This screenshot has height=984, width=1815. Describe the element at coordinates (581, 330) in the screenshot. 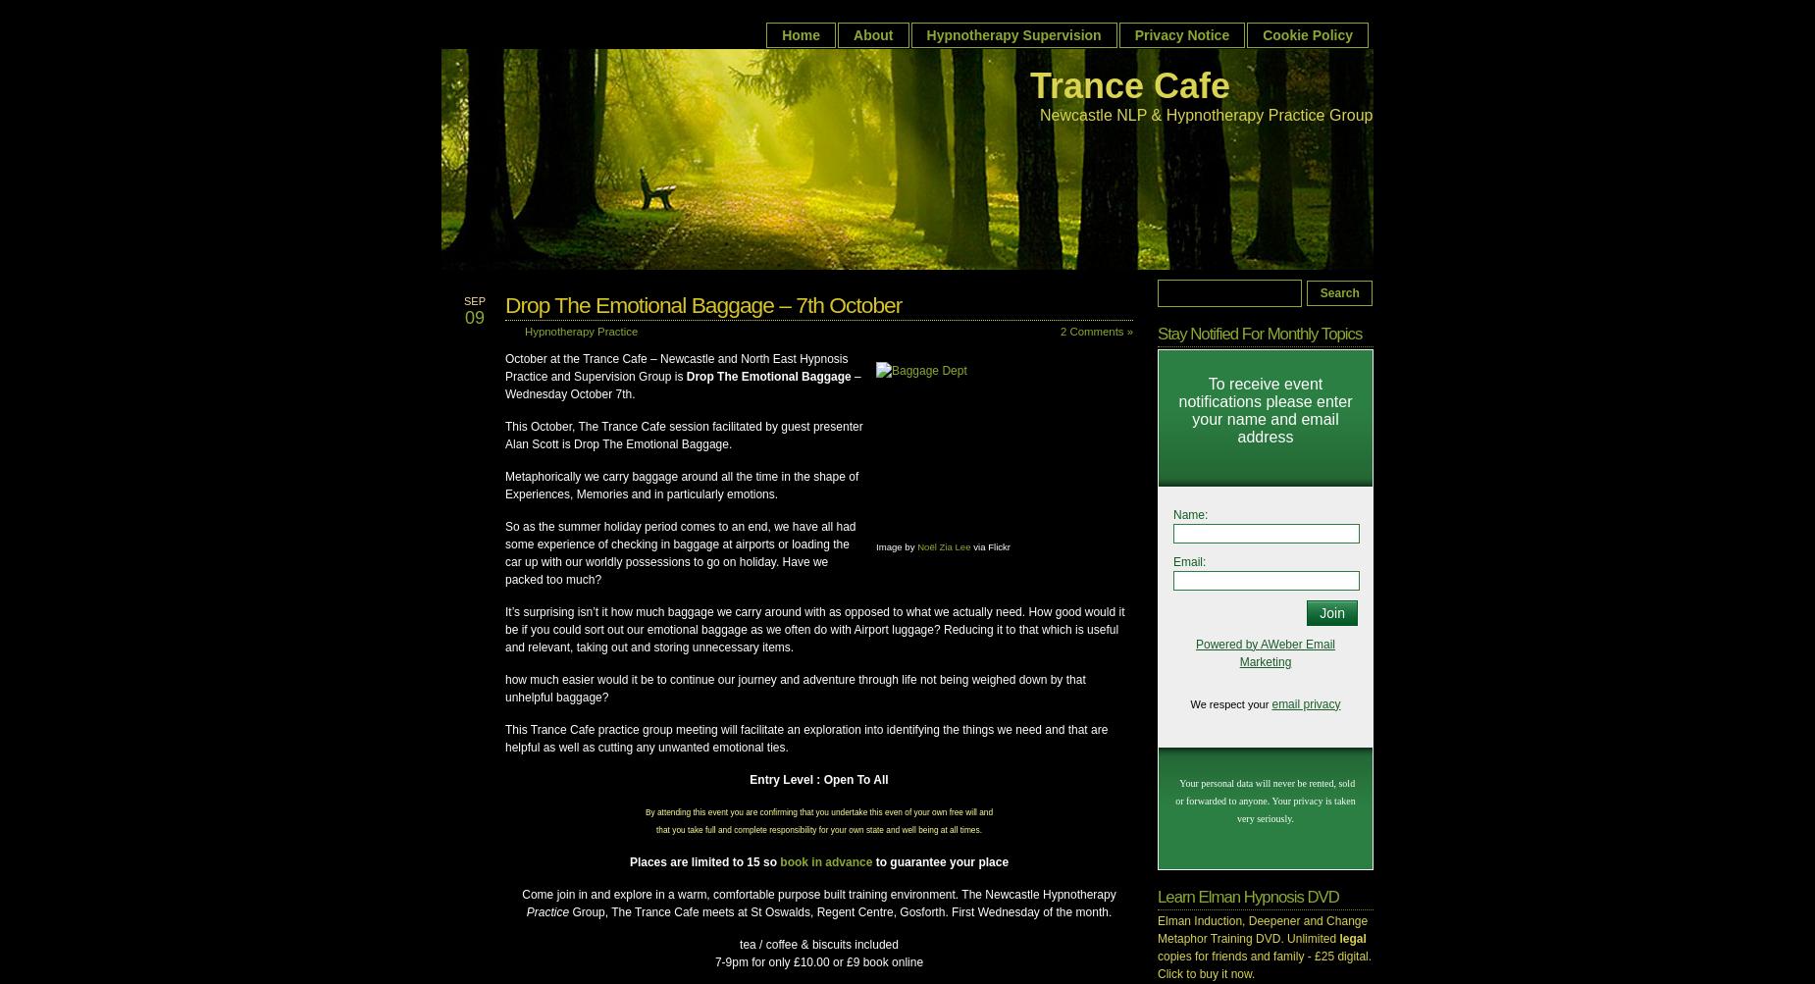

I see `'Hypnotherapy Practice'` at that location.